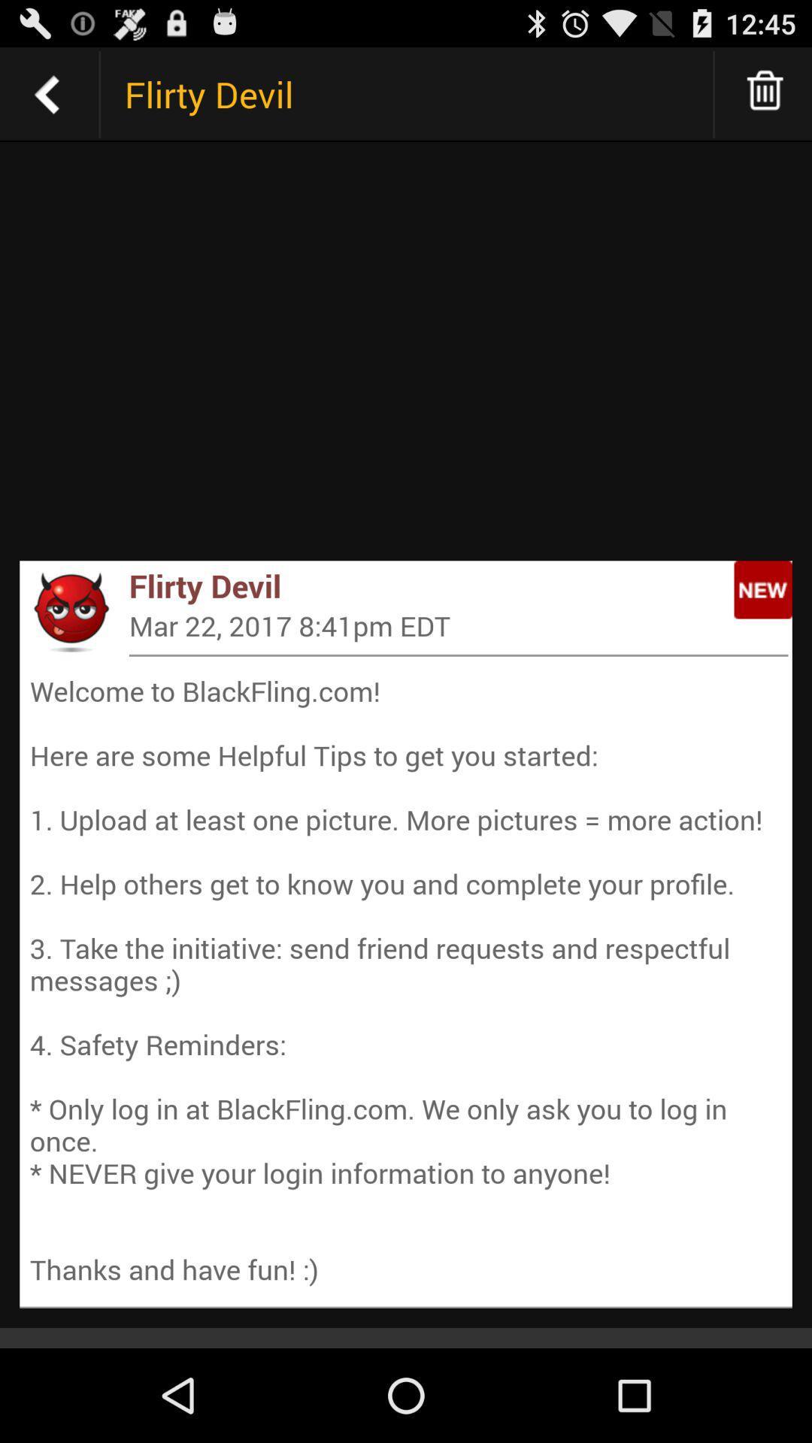 Image resolution: width=812 pixels, height=1443 pixels. Describe the element at coordinates (70, 611) in the screenshot. I see `app next to flirty devil icon` at that location.